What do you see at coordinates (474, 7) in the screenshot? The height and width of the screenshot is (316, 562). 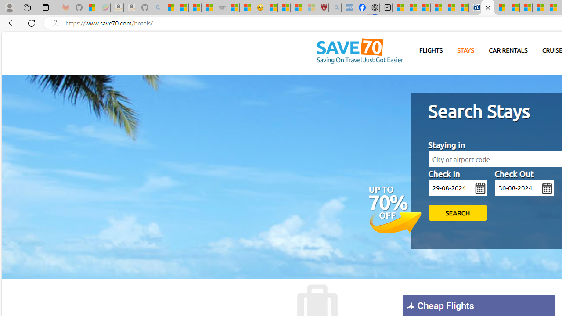 I see `'Cheap Car Rentals - Save70.com'` at bounding box center [474, 7].